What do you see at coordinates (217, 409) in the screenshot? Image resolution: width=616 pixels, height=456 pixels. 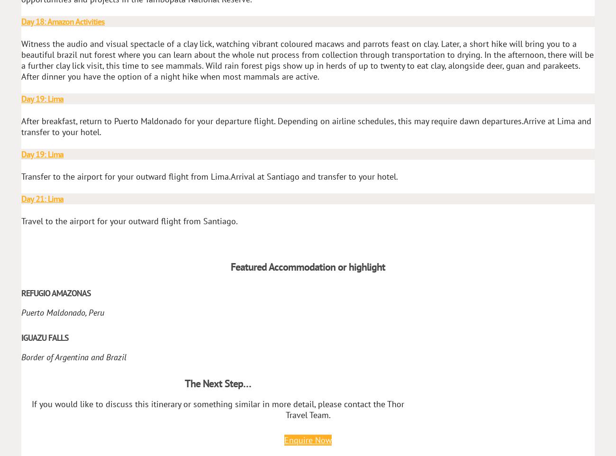 I see `'If you would like to discuss this itinerary or something similar in more detail, please contact the Thor Travel Team.'` at bounding box center [217, 409].